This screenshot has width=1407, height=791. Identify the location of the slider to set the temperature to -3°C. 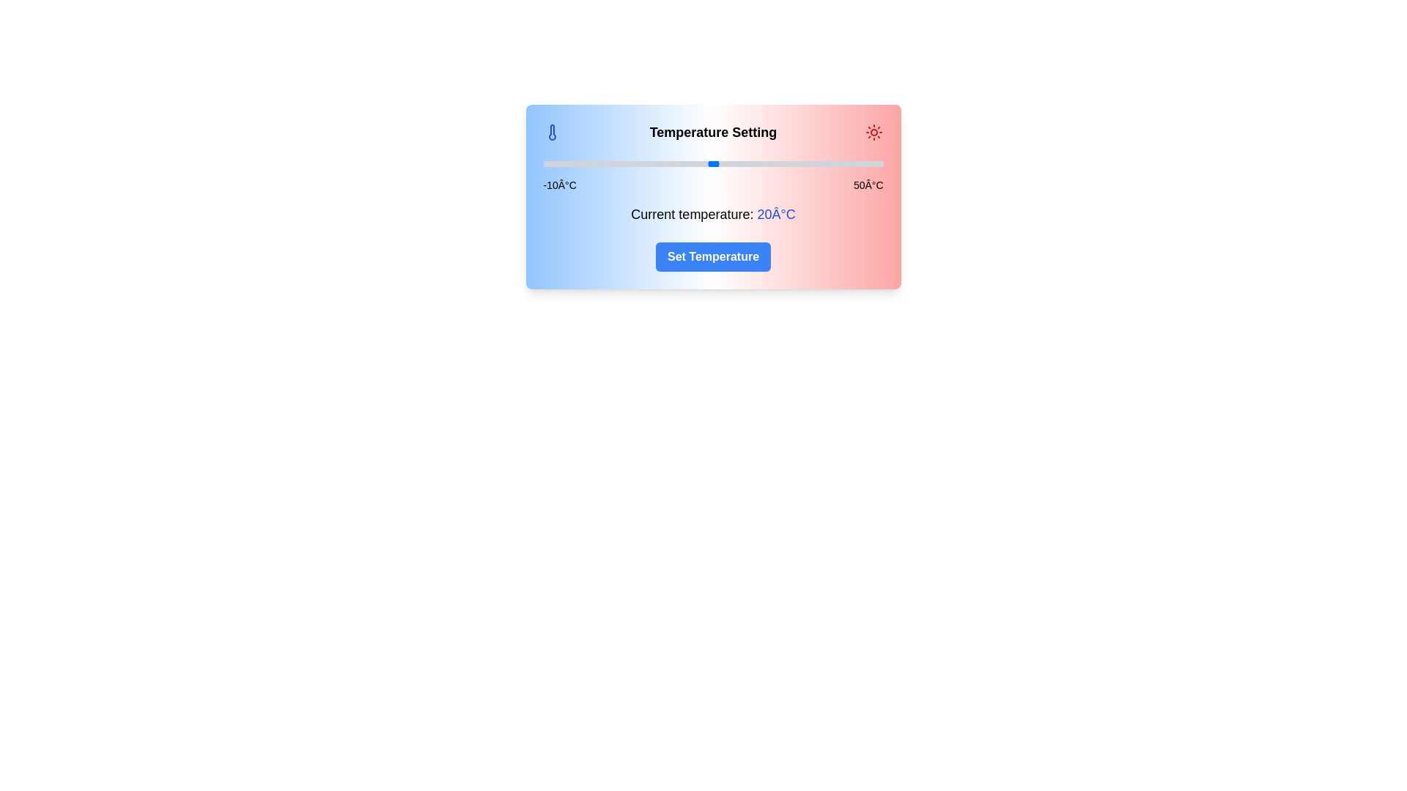
(582, 163).